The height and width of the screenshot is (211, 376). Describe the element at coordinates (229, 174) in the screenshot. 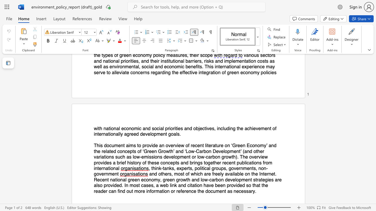

I see `the subset text "ailable on the Internet. Recent national green economy, green growth and low‐carbon development strategies are also provided. In most cases, a web link and citation have been pro" within the text "and others, most of which are freely available on the Internet. Recent national green economy, green growth and low‐carbon development strategies are also provided. In most cases, a web link and citation have been provided so that the reader can find out more information or reference the"` at that location.